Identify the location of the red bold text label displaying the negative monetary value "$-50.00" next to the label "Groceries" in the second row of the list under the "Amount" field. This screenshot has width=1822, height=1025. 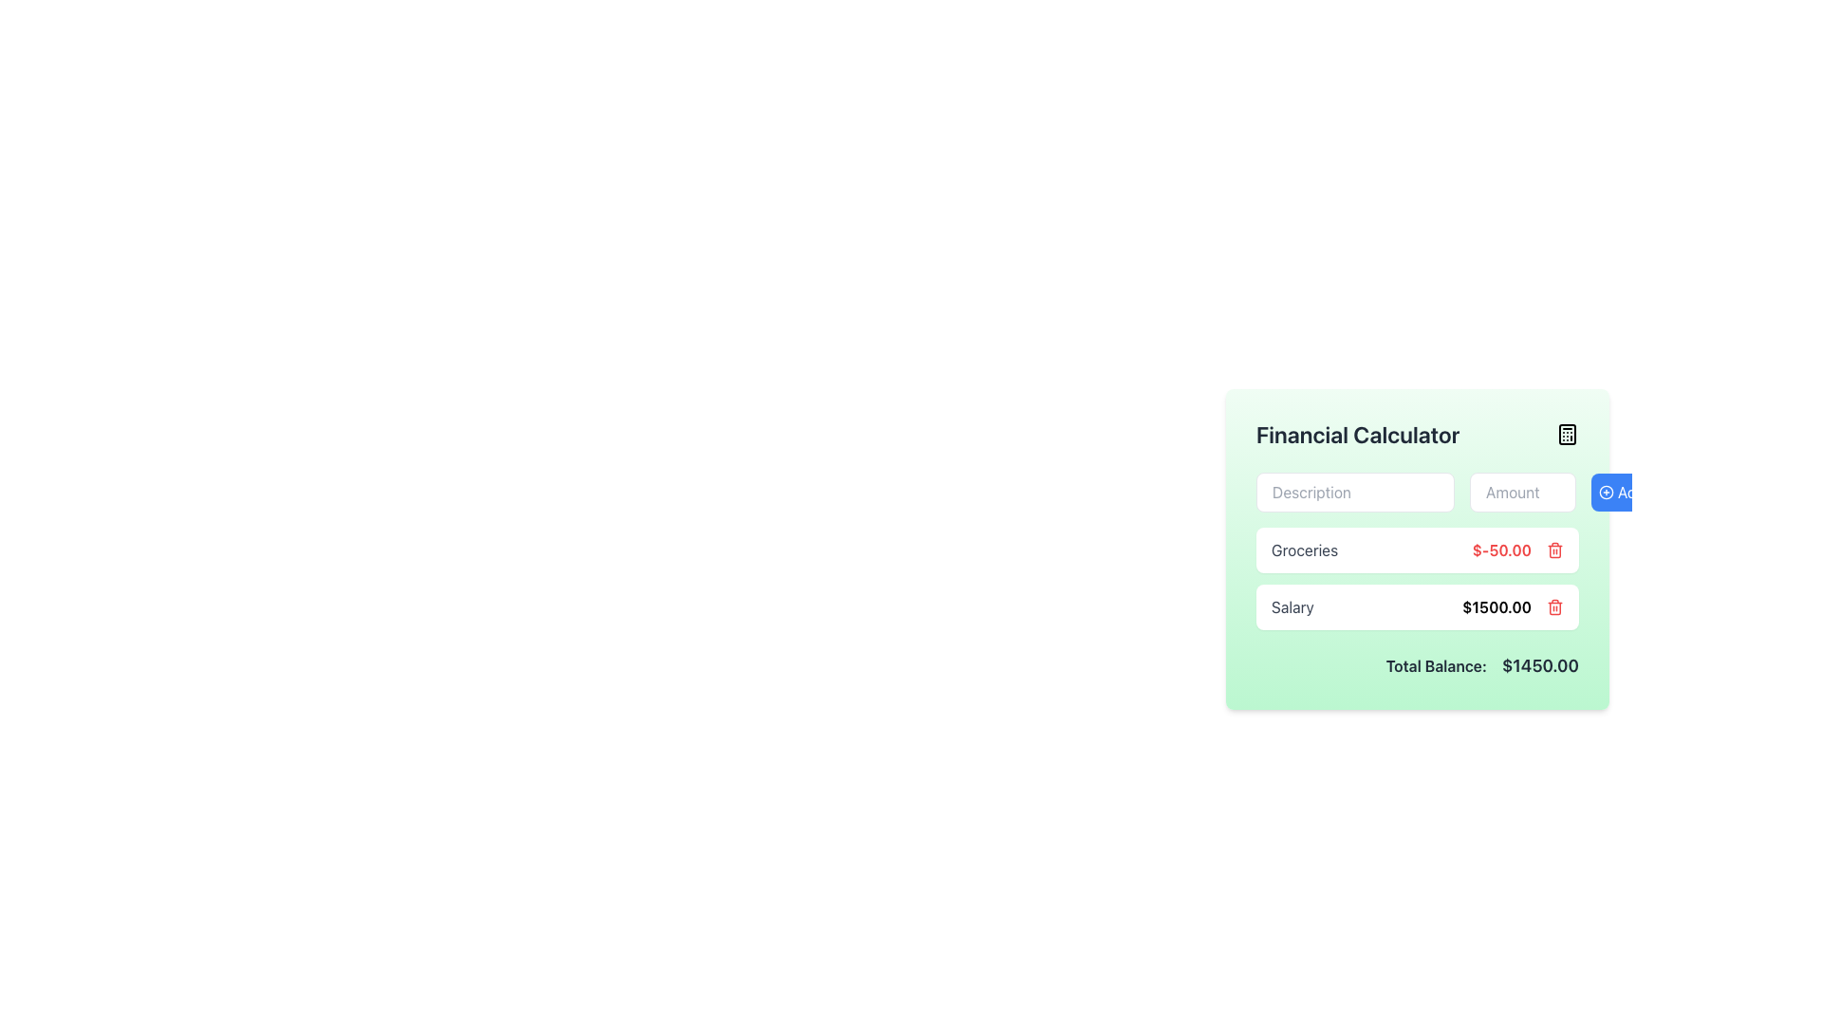
(1500, 550).